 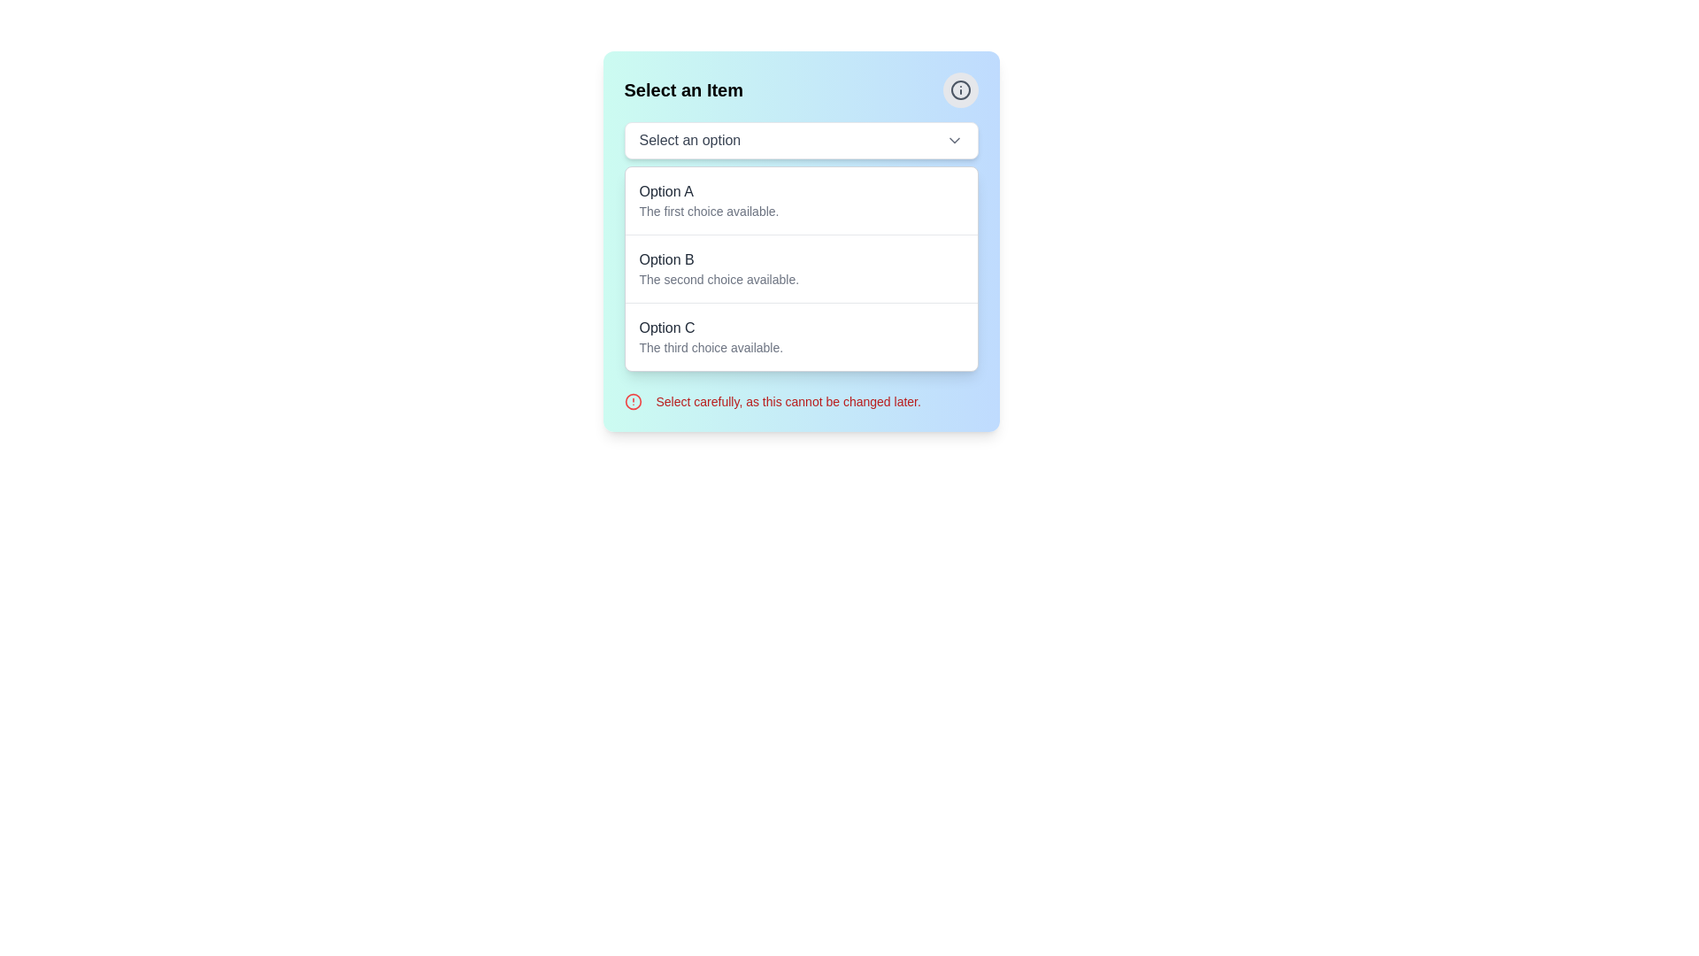 I want to click on the SVG Circle element that serves as a decorative or structural part of the 'info' or 'help' icon located in the top-right corner of the dropdown component, so click(x=959, y=89).